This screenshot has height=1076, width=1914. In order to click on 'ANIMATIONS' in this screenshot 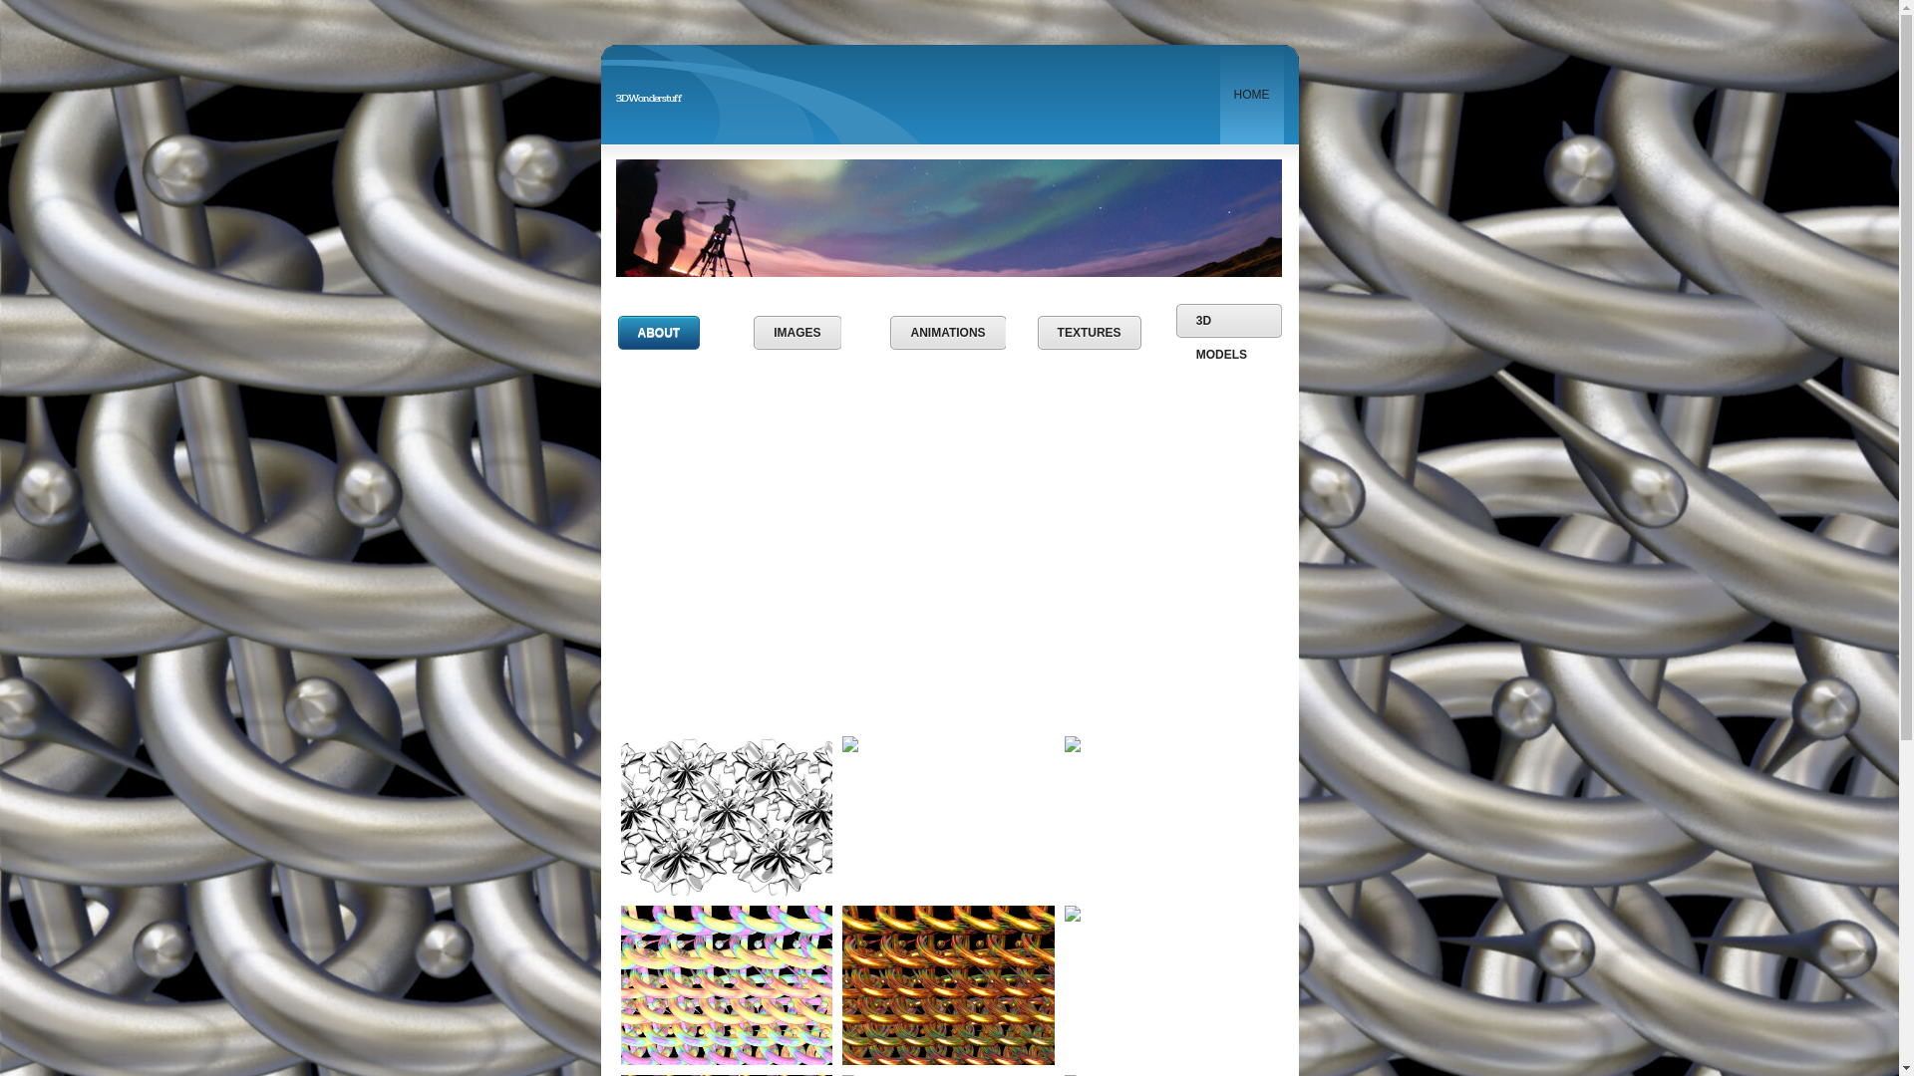, I will do `click(946, 332)`.